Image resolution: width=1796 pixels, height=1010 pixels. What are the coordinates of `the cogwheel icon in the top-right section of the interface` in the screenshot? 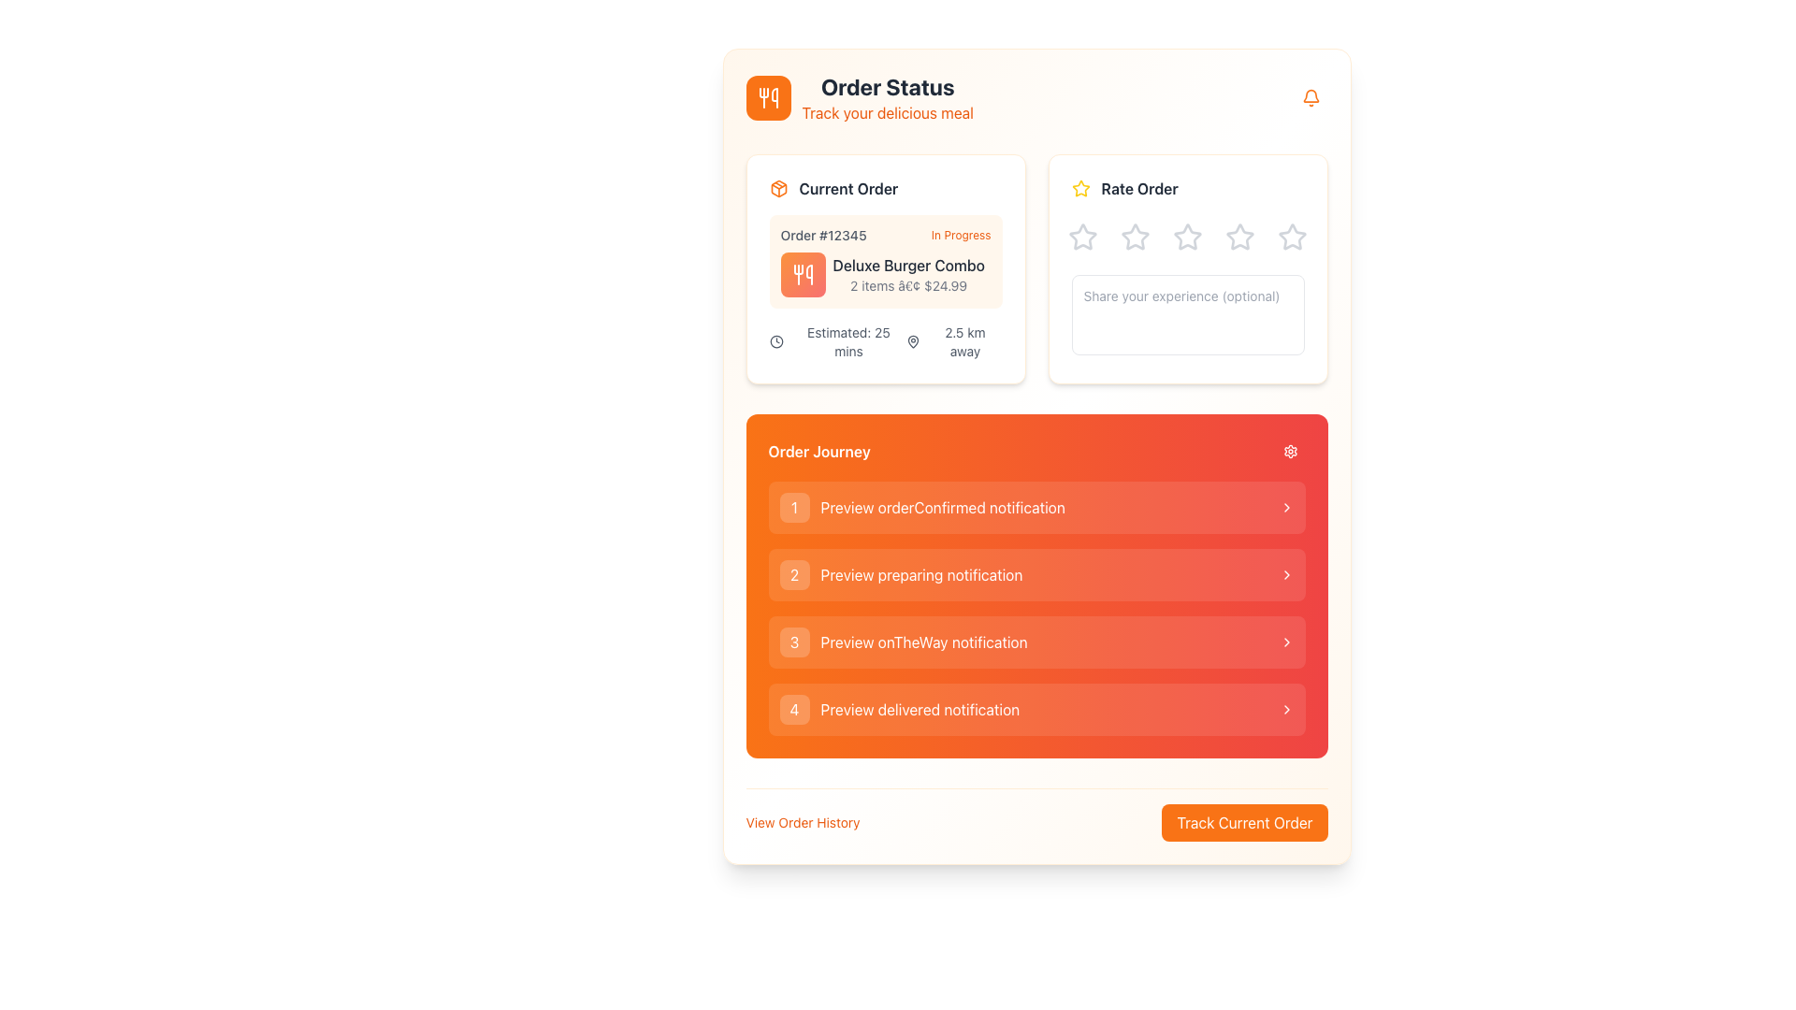 It's located at (1289, 451).